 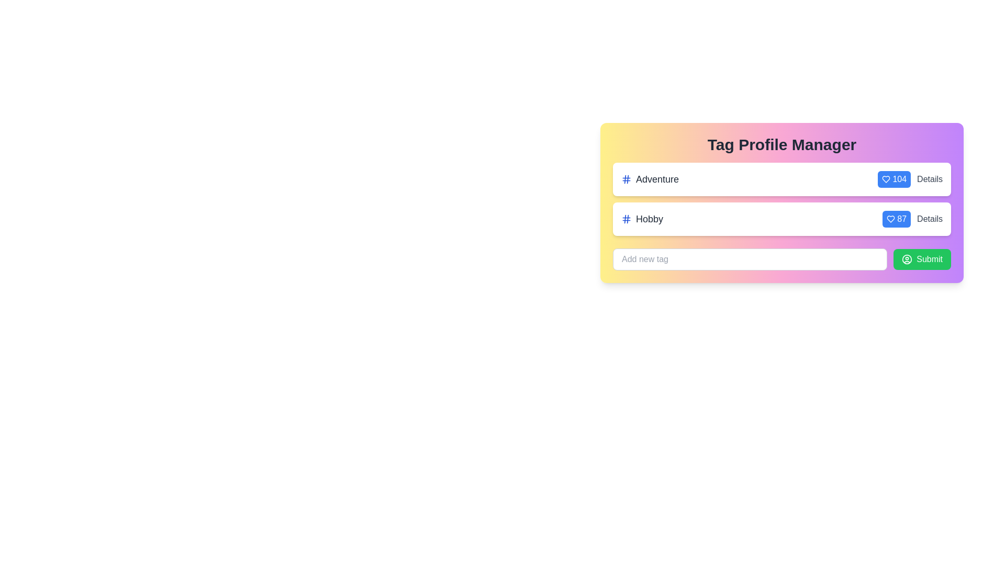 I want to click on the heart-shaped icon with a blue fill and white outline, located adjacent to the 'Adventure' label in the list item, so click(x=890, y=219).